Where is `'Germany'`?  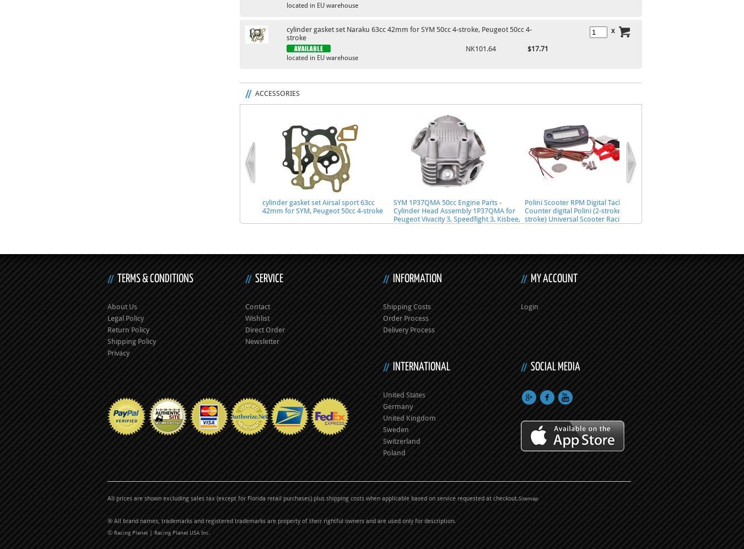
'Germany' is located at coordinates (397, 406).